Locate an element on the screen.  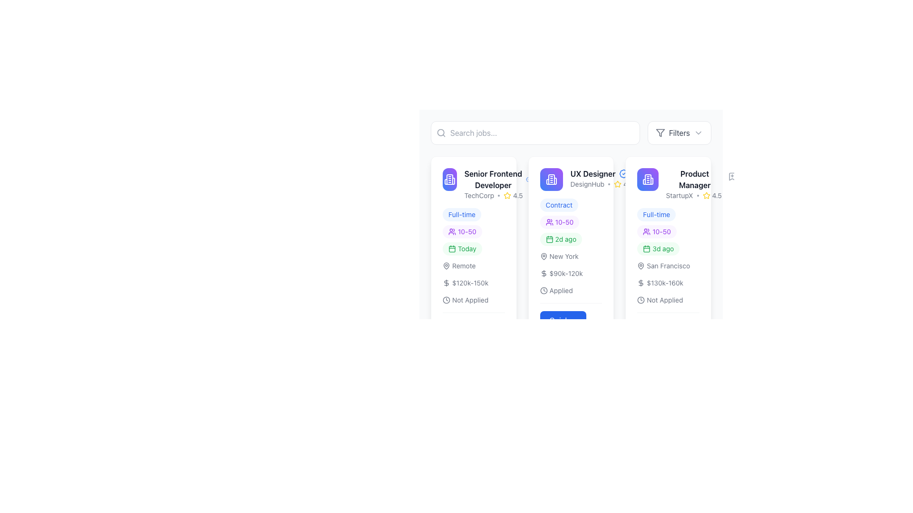
the text label for the job entry titled 'Senior Frontend Developer' is located at coordinates (474, 184).